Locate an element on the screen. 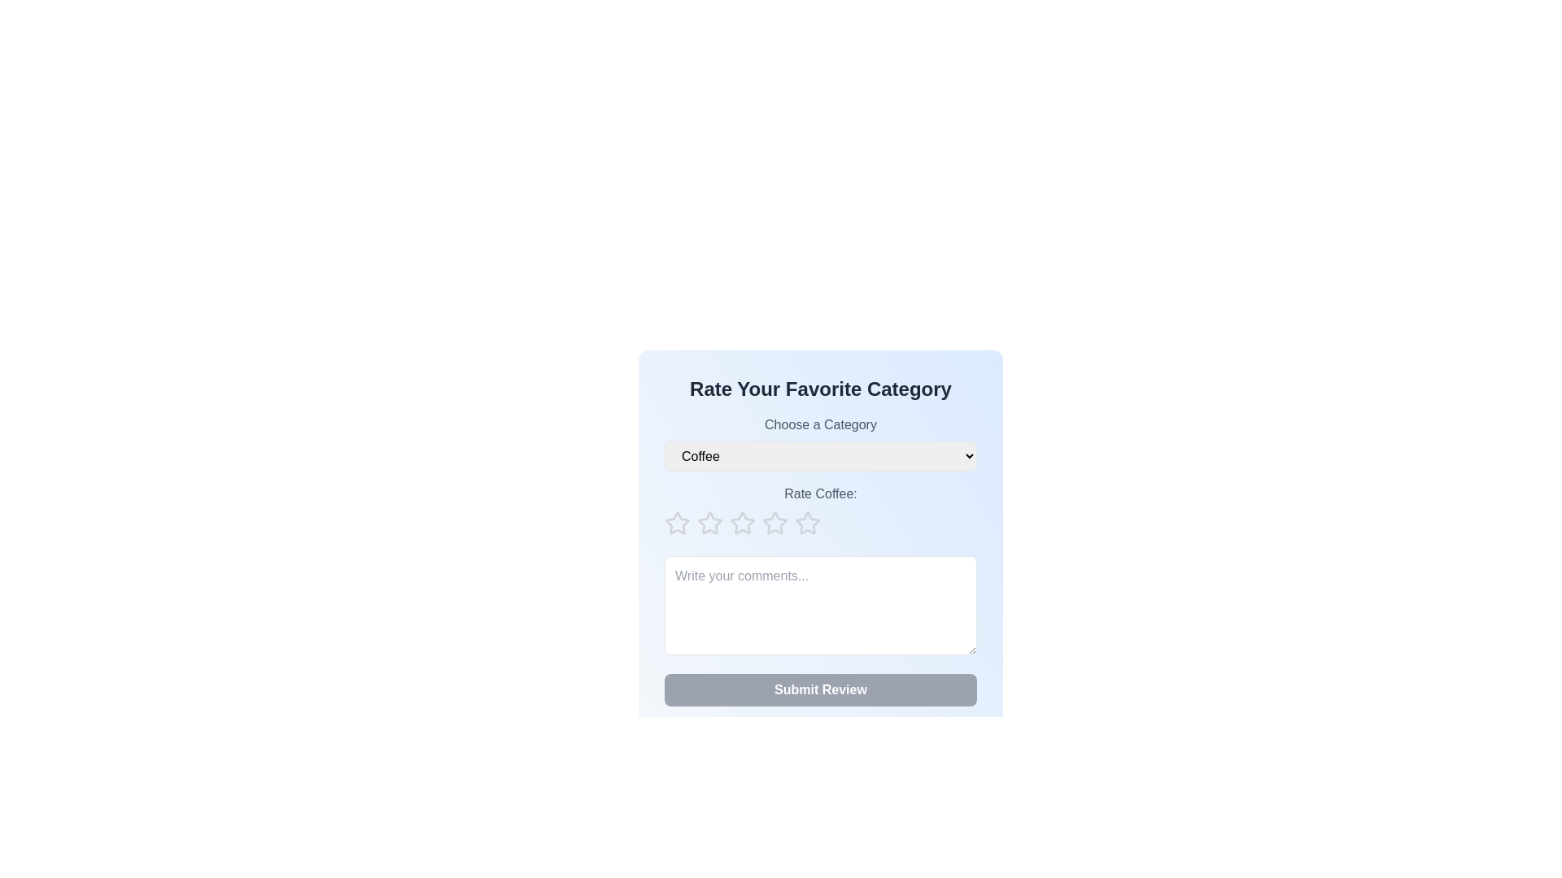 The width and height of the screenshot is (1562, 878). the grey rectangular button labeled 'Submit Review' located at the bottom of the form in the 'Rate Your Favorite Category' section is located at coordinates (820, 689).